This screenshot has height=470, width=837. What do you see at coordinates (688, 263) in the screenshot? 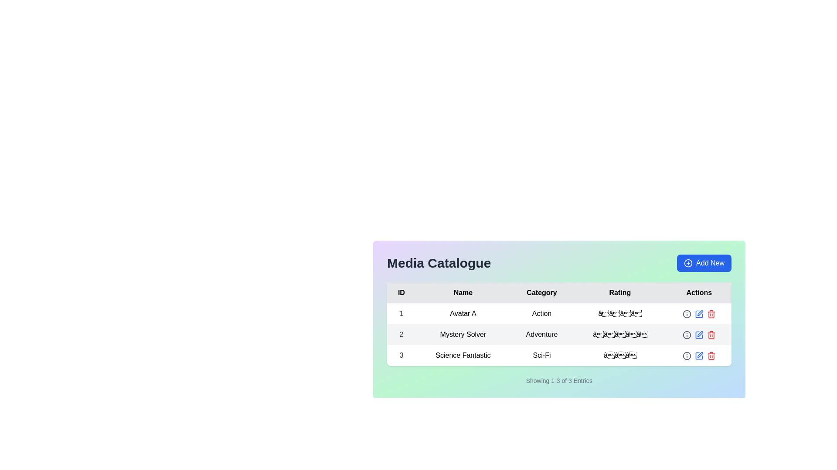
I see `the circular button featuring a plus icon with a blue background to the left of the 'Add New' label in the top-right corner of the Media Catalogue panel` at bounding box center [688, 263].